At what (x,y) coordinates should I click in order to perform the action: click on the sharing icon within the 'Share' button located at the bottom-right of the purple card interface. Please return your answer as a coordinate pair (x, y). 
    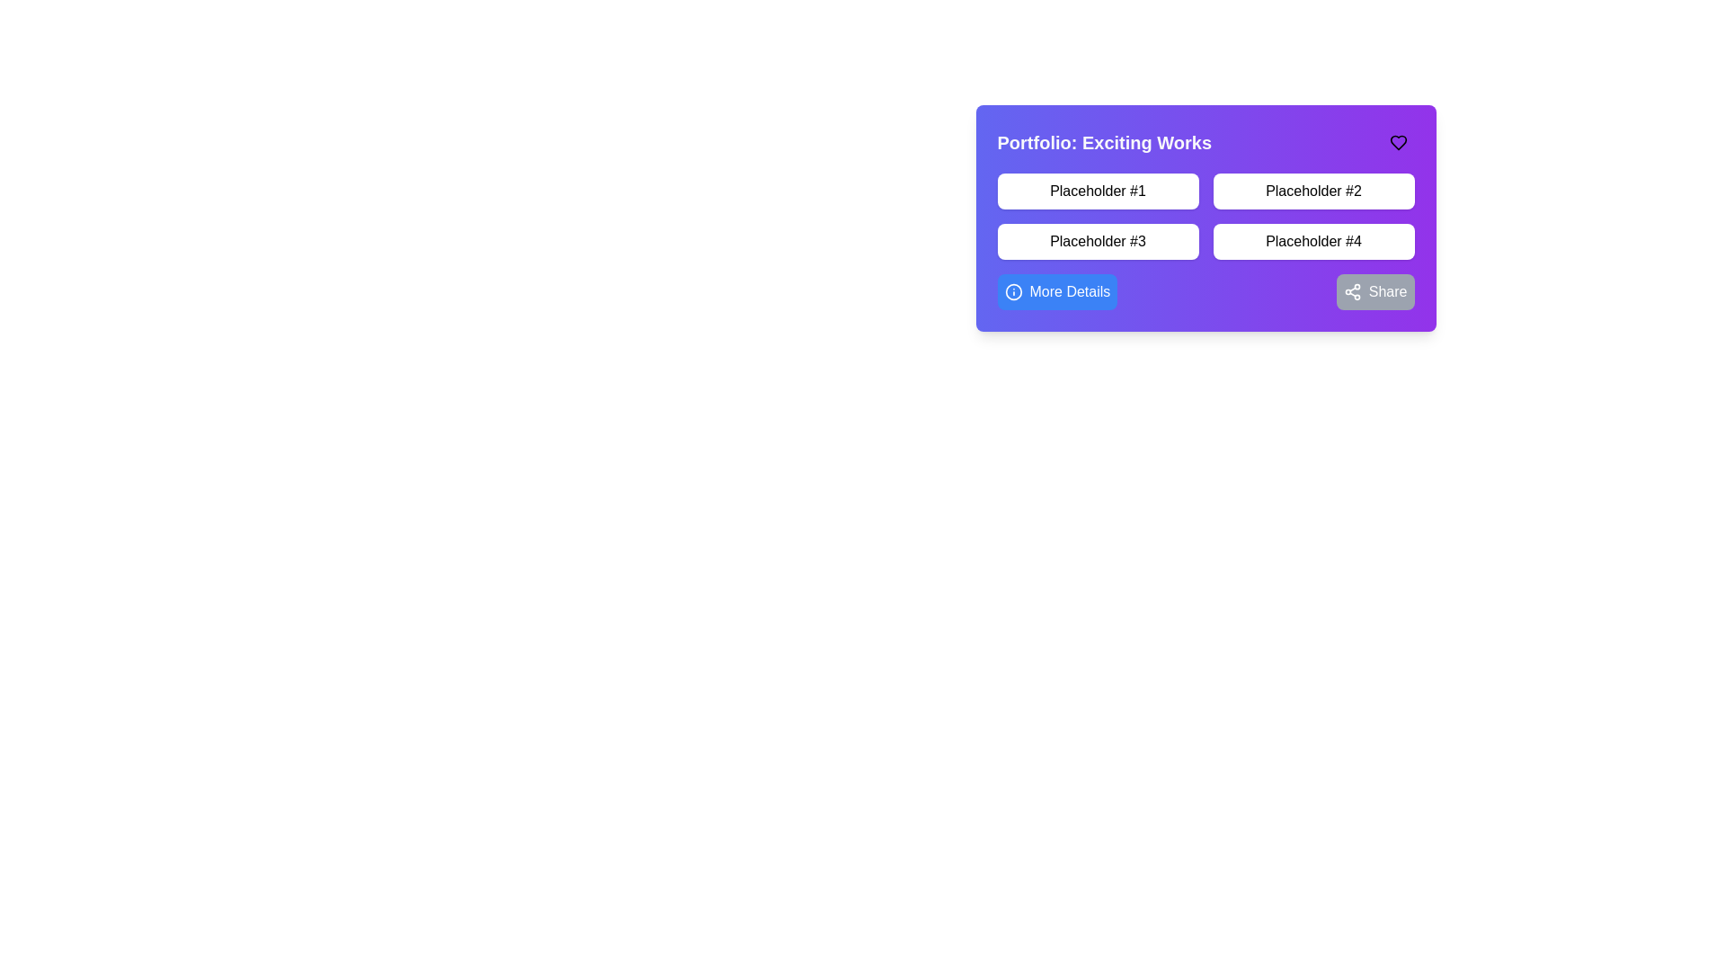
    Looking at the image, I should click on (1352, 290).